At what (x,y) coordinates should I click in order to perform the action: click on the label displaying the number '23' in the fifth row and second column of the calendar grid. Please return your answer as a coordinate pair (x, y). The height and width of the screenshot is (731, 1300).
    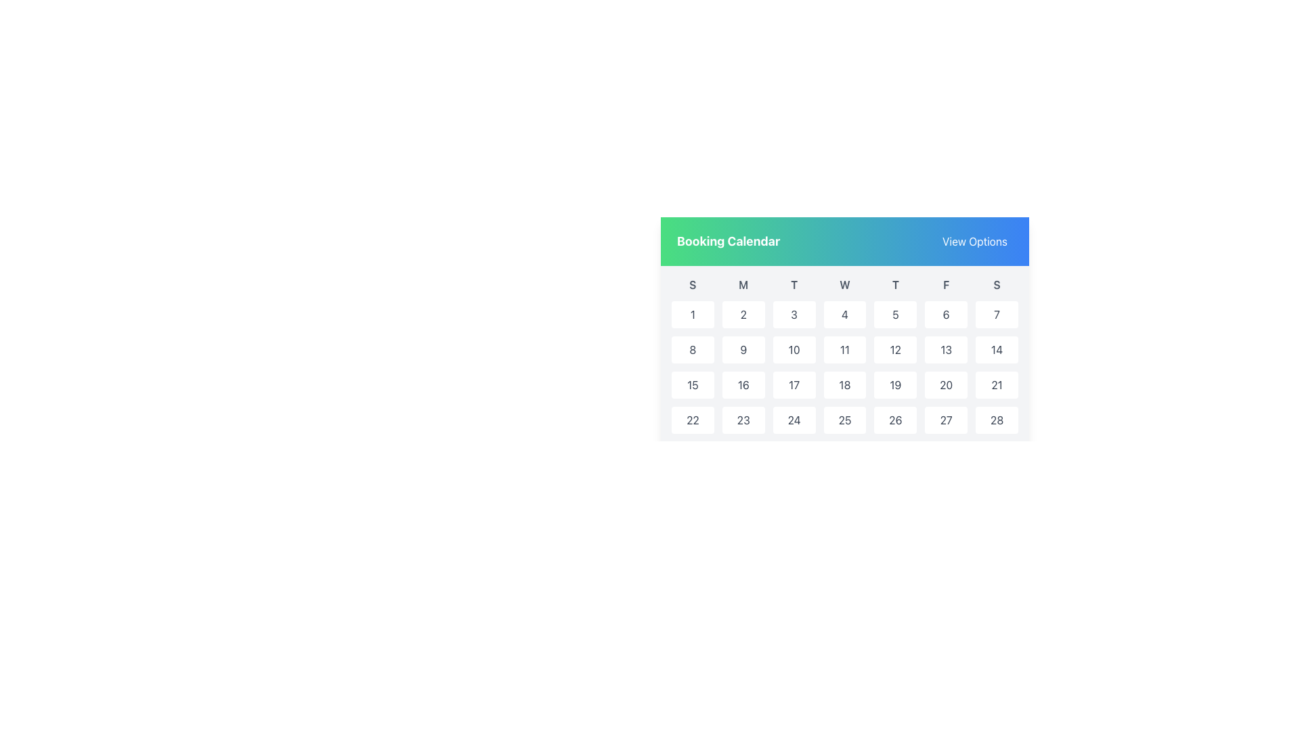
    Looking at the image, I should click on (743, 420).